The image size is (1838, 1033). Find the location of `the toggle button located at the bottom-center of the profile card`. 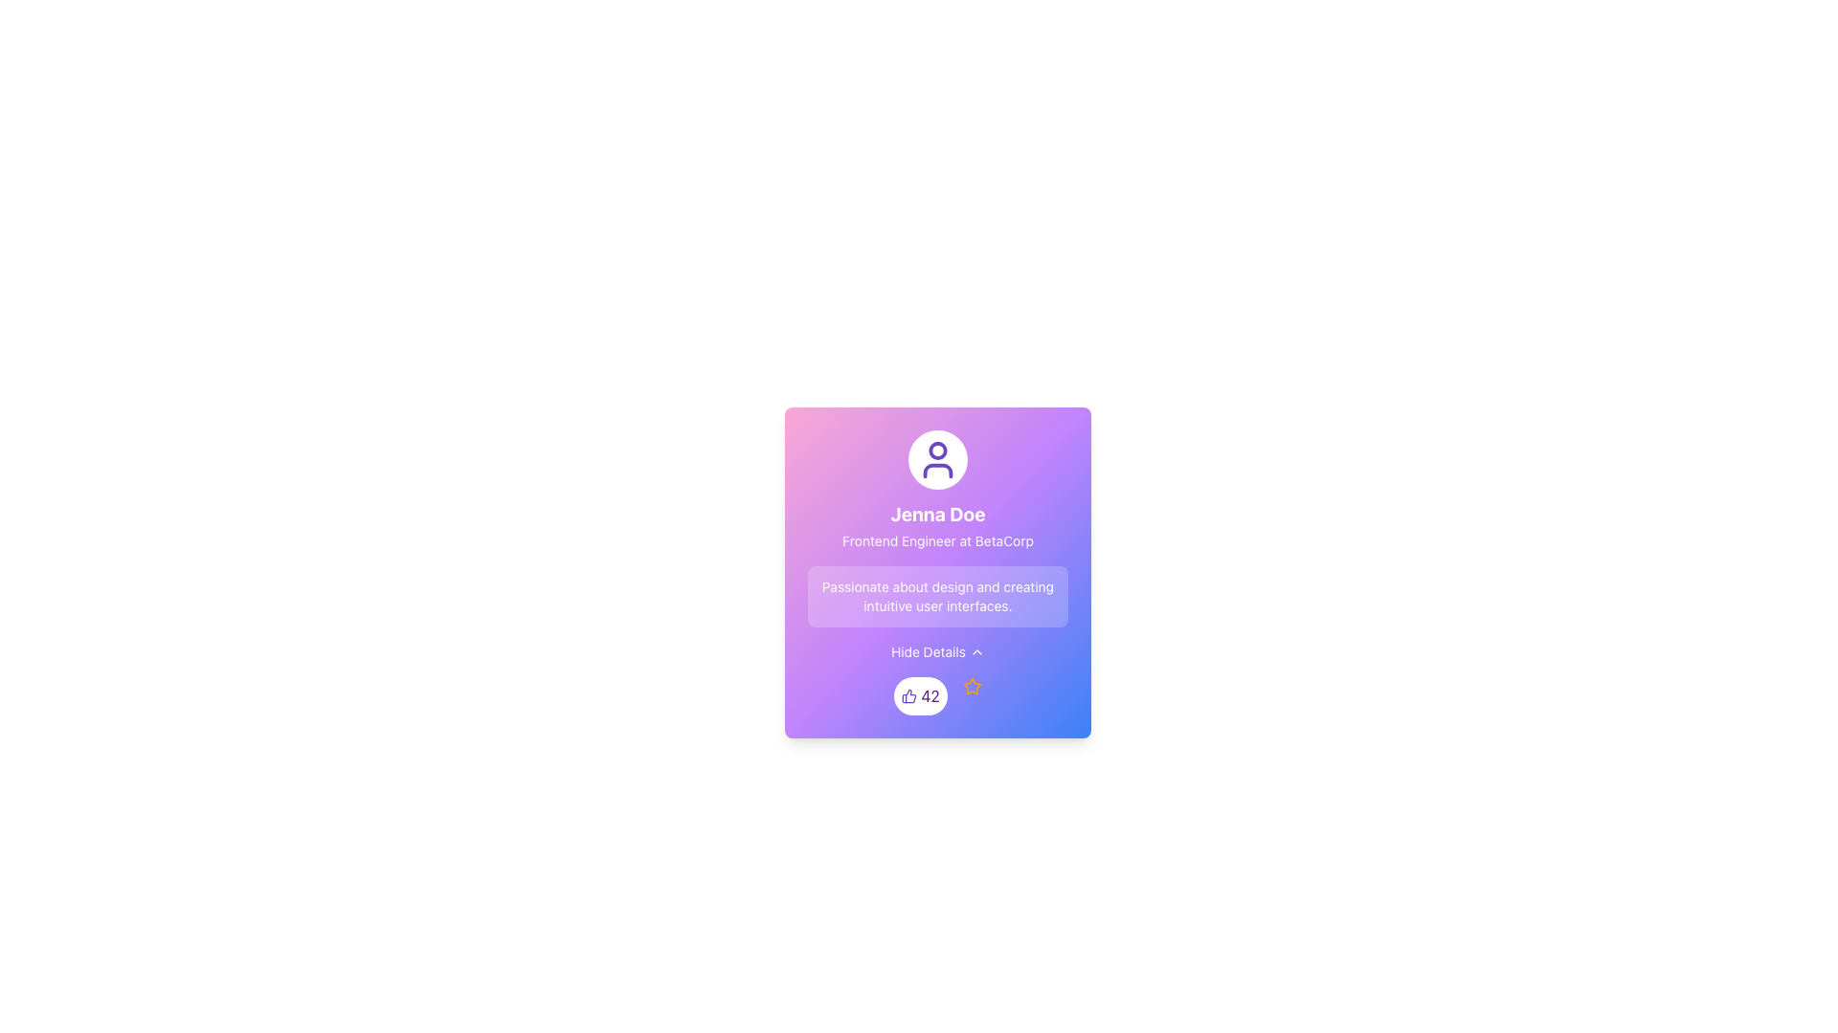

the toggle button located at the bottom-center of the profile card is located at coordinates (937, 651).